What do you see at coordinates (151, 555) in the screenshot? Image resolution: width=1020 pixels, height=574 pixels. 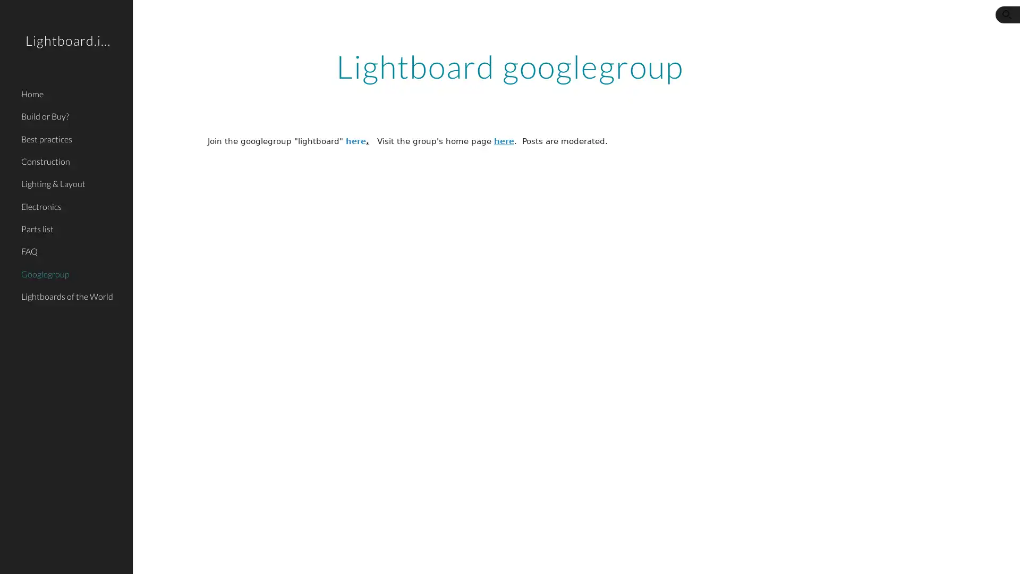 I see `Site actions` at bounding box center [151, 555].